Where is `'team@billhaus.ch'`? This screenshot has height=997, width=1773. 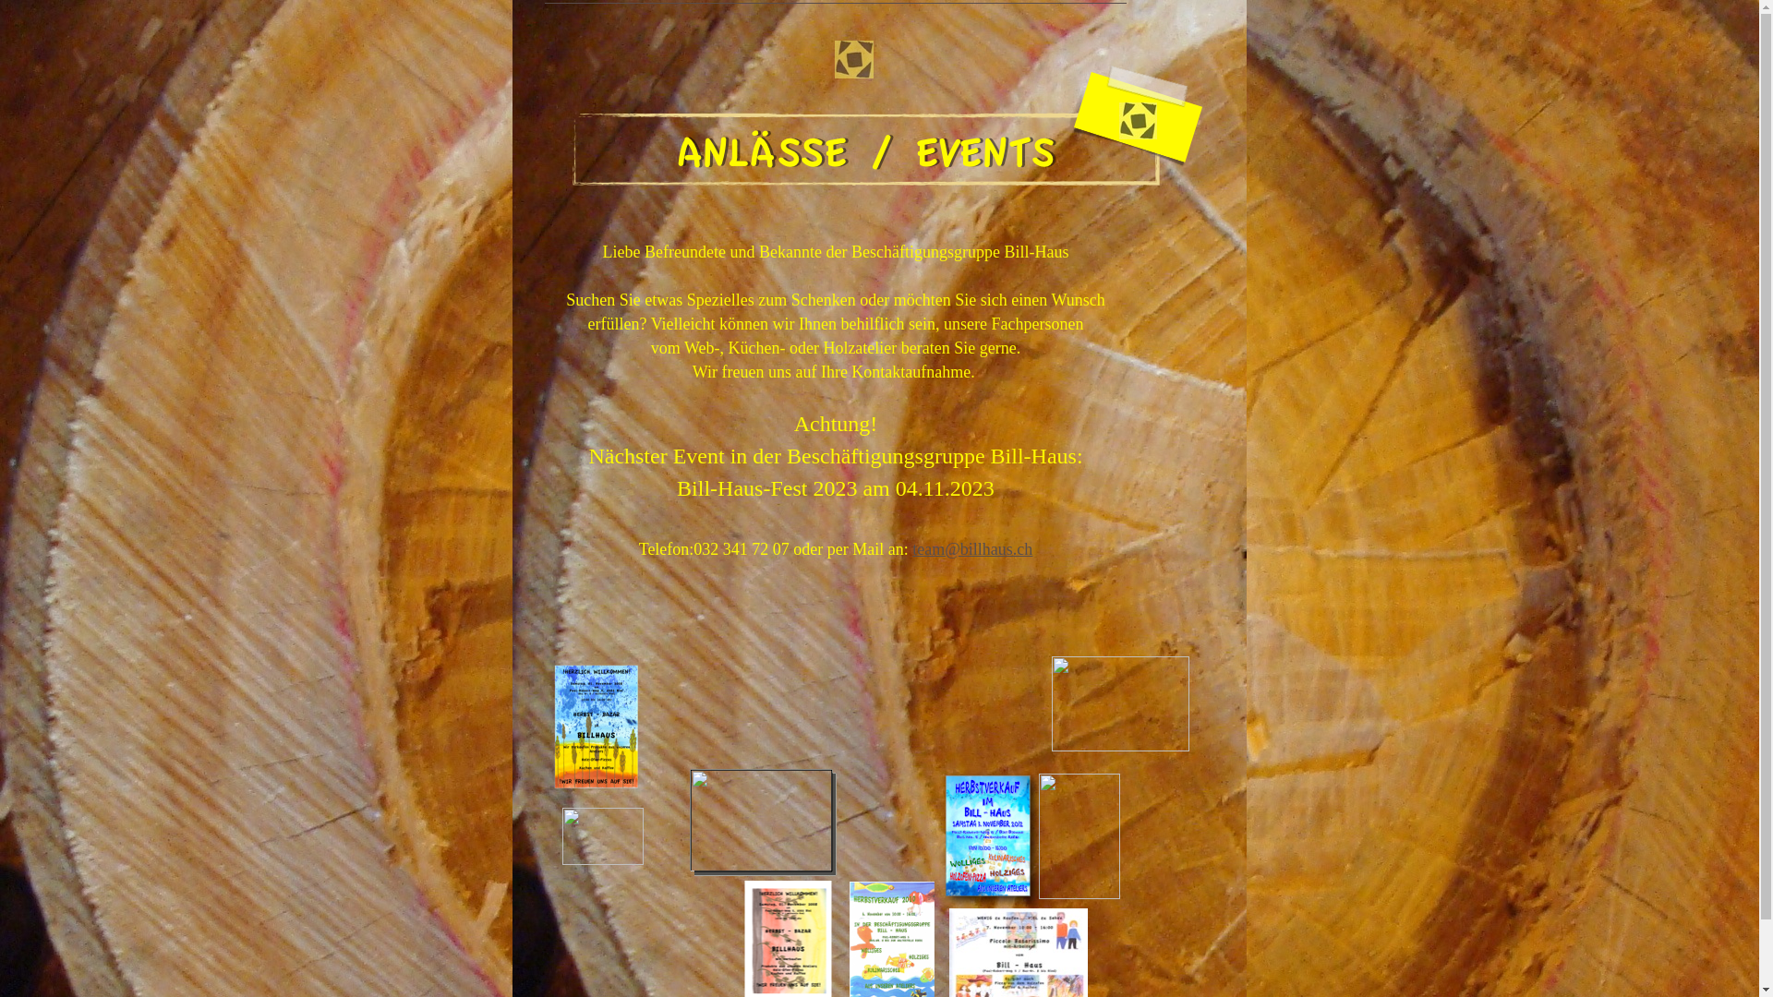 'team@billhaus.ch' is located at coordinates (912, 547).